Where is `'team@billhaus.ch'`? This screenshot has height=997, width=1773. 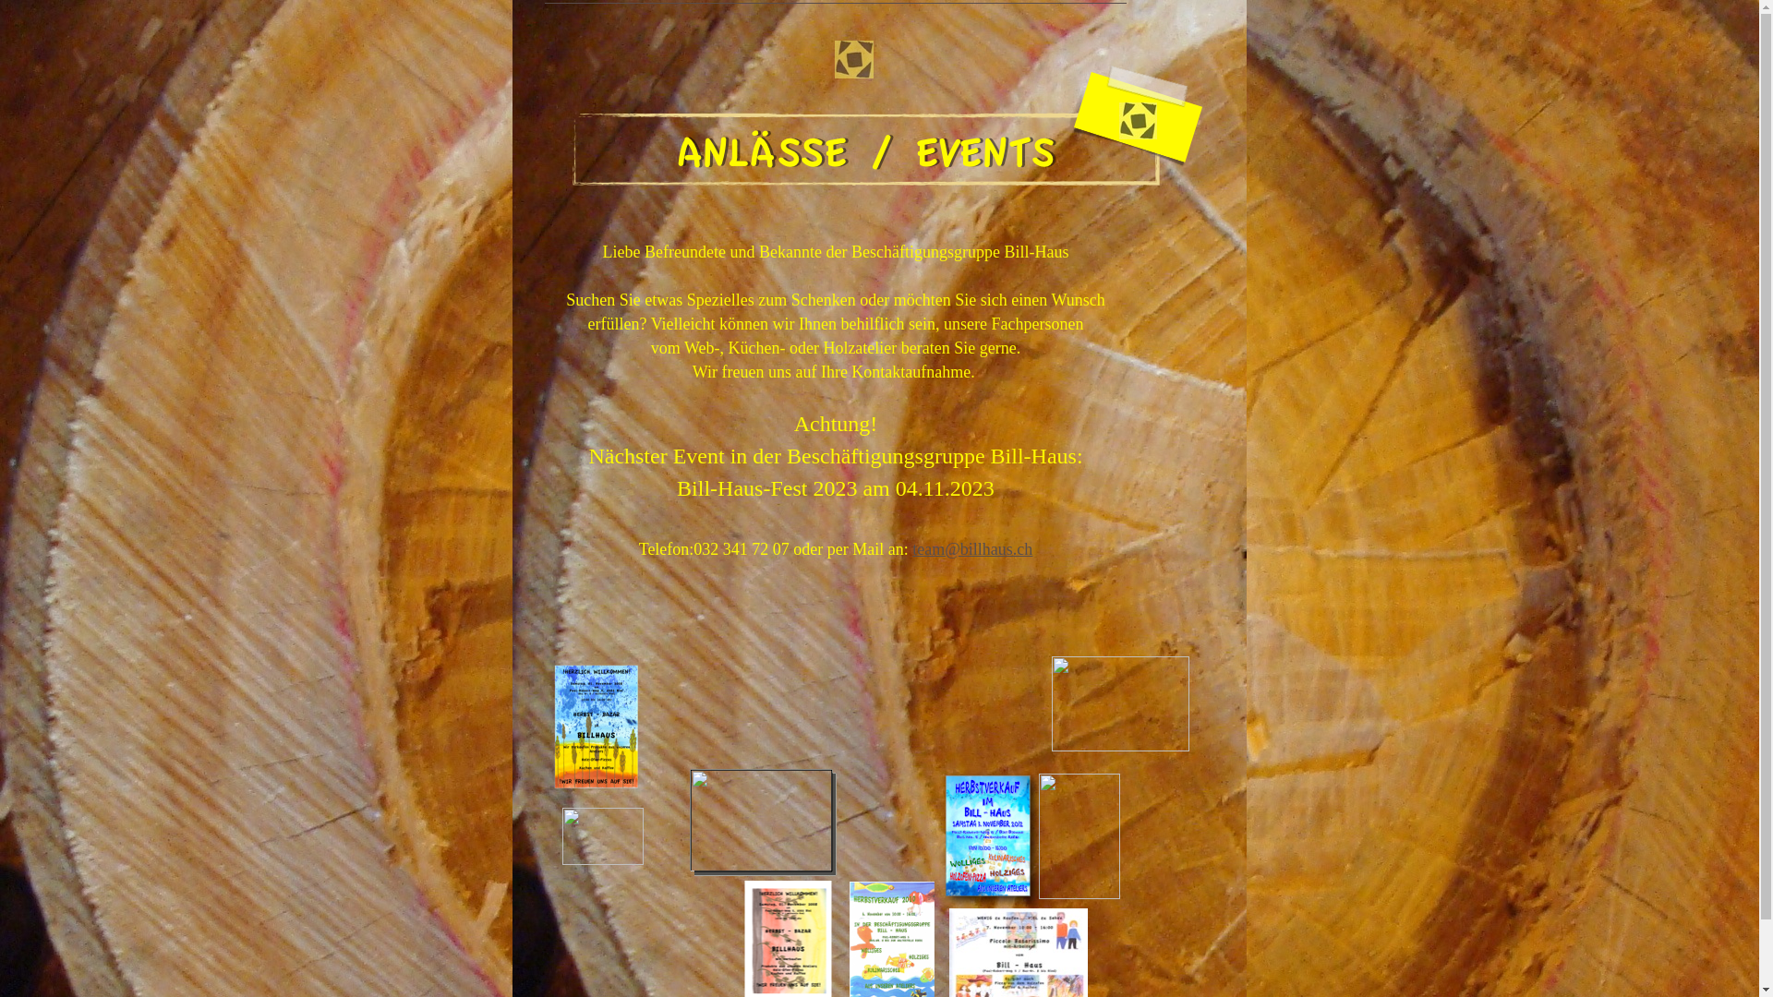 'team@billhaus.ch' is located at coordinates (912, 547).